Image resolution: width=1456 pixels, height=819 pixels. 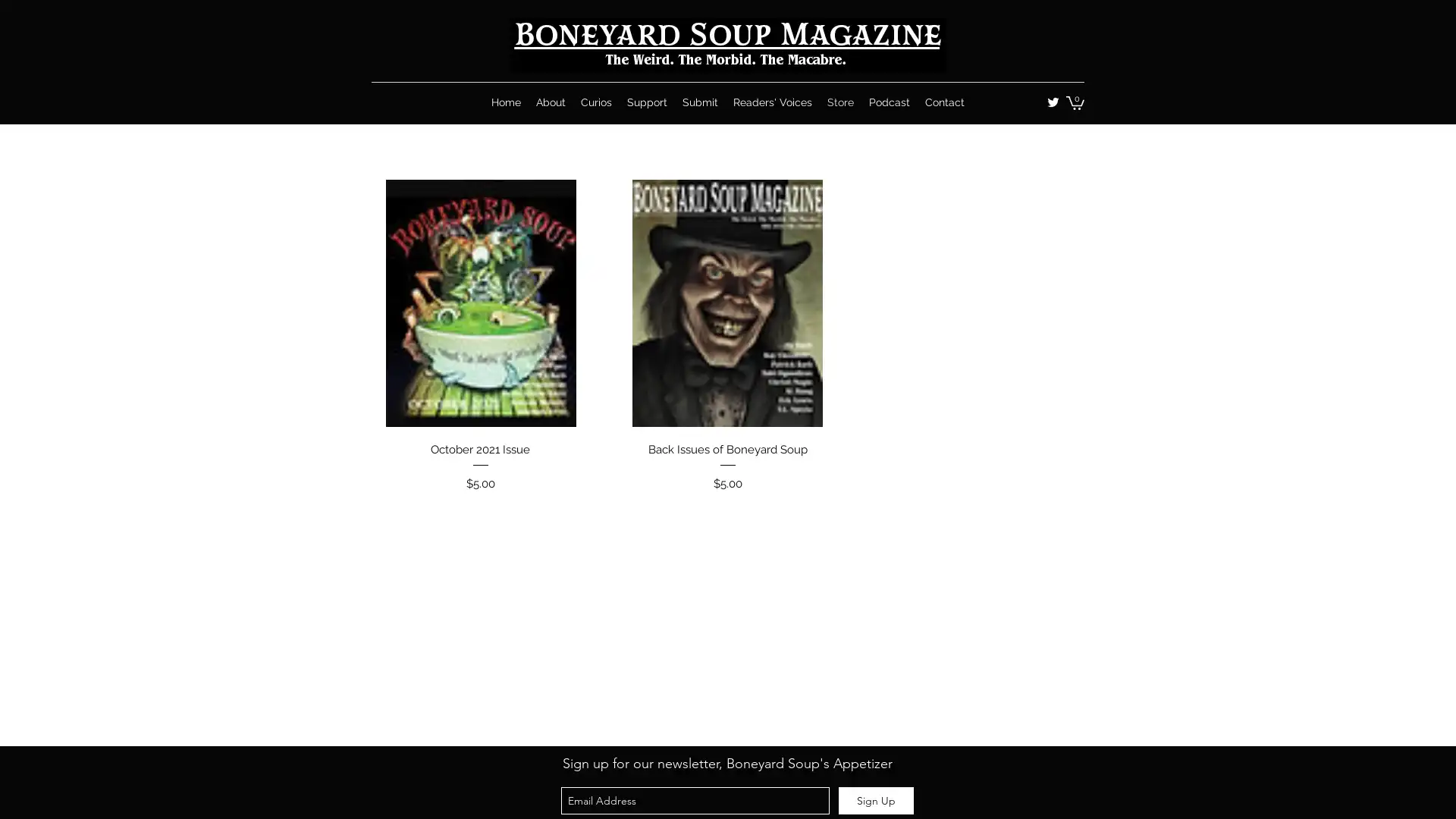 I want to click on Quick View, so click(x=726, y=444).